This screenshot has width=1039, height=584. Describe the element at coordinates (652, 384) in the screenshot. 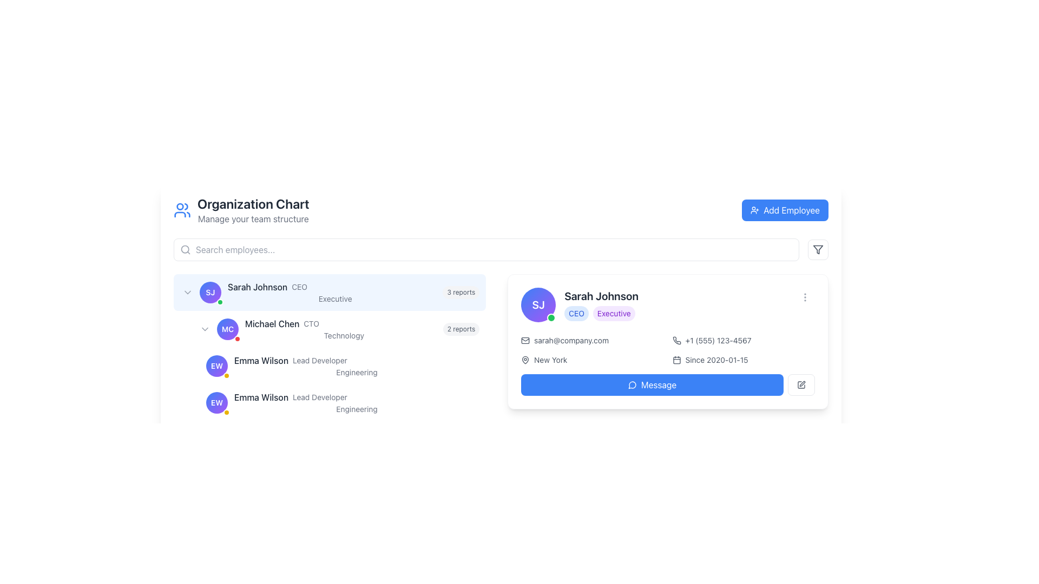

I see `the message action button for 'Sarah Johnson', located in the lower part of her profile card` at that location.